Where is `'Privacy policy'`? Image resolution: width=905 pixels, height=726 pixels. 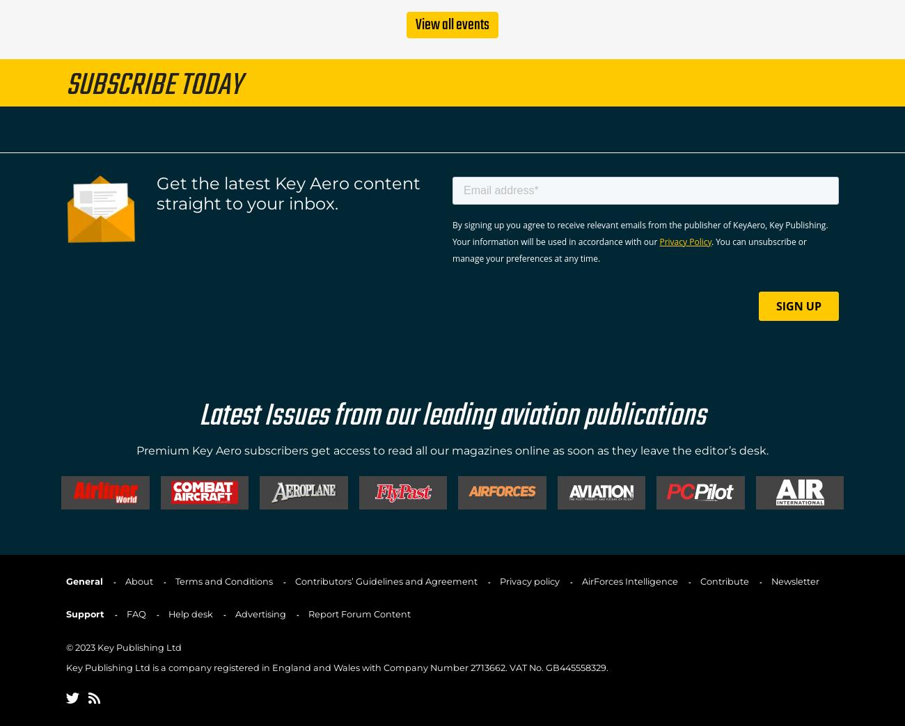
'Privacy policy' is located at coordinates (529, 581).